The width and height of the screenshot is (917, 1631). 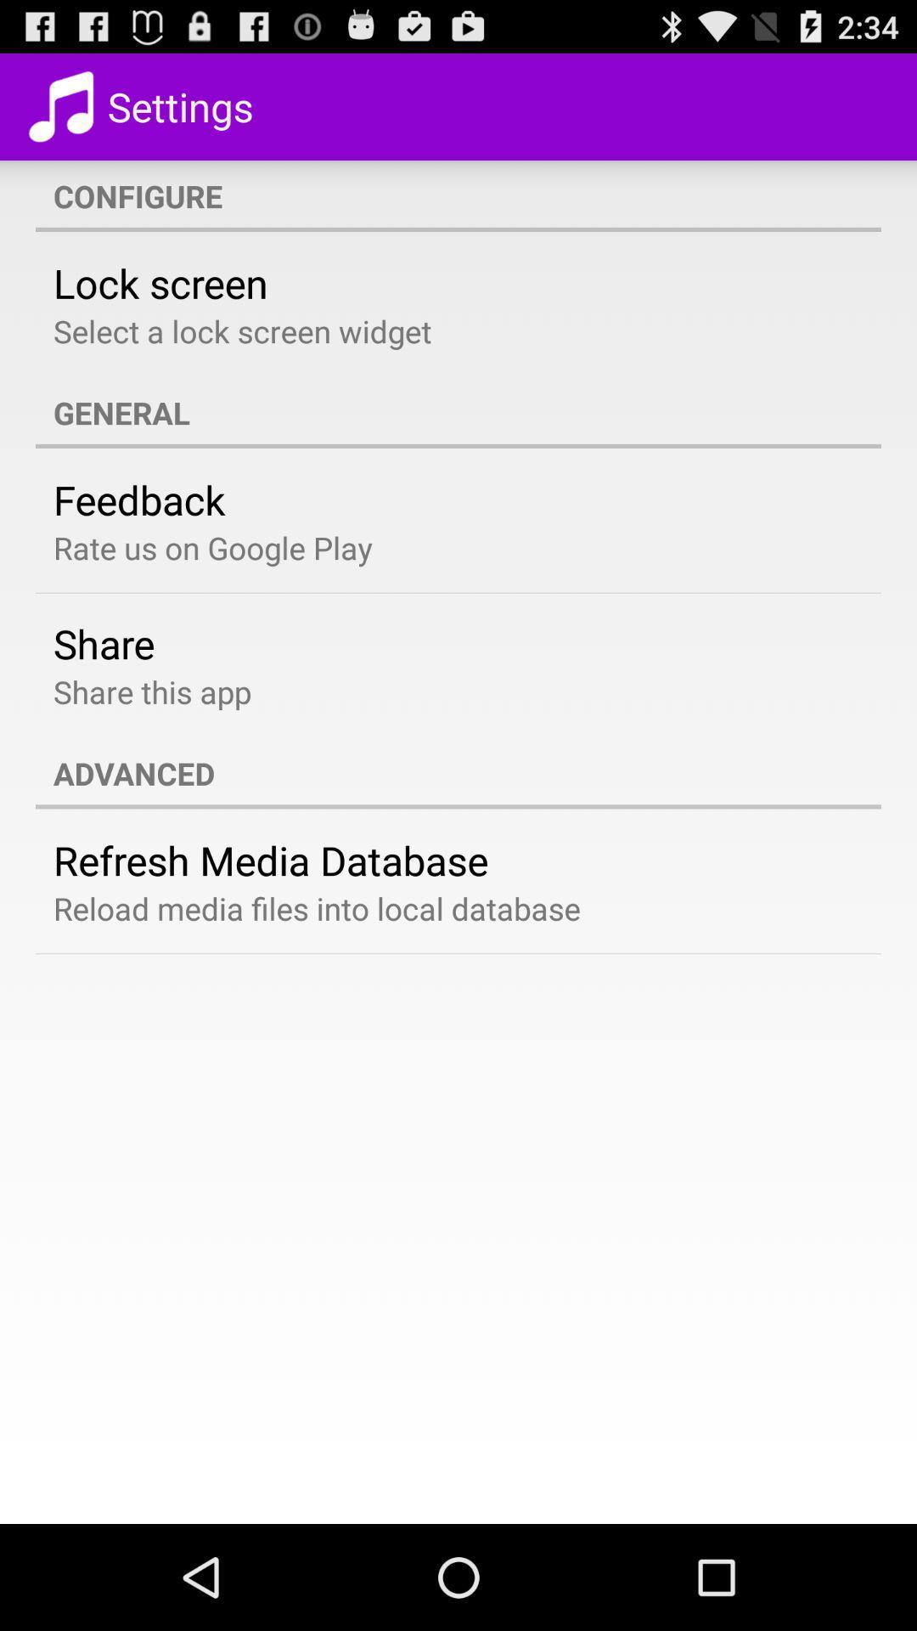 What do you see at coordinates (143, 105) in the screenshot?
I see `settings` at bounding box center [143, 105].